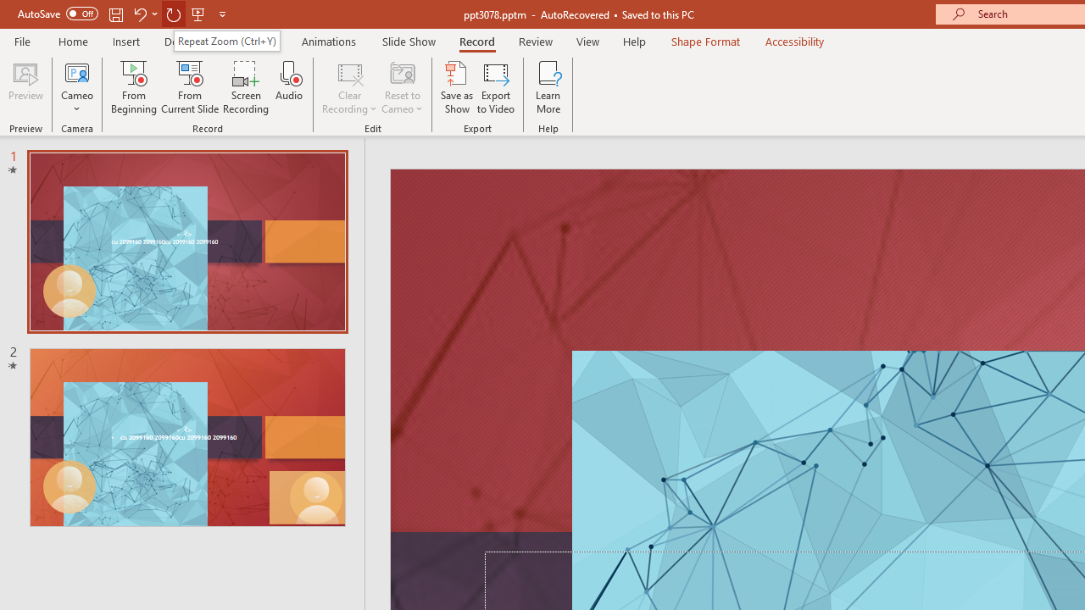  Describe the element at coordinates (348, 87) in the screenshot. I see `'Clear Recording'` at that location.